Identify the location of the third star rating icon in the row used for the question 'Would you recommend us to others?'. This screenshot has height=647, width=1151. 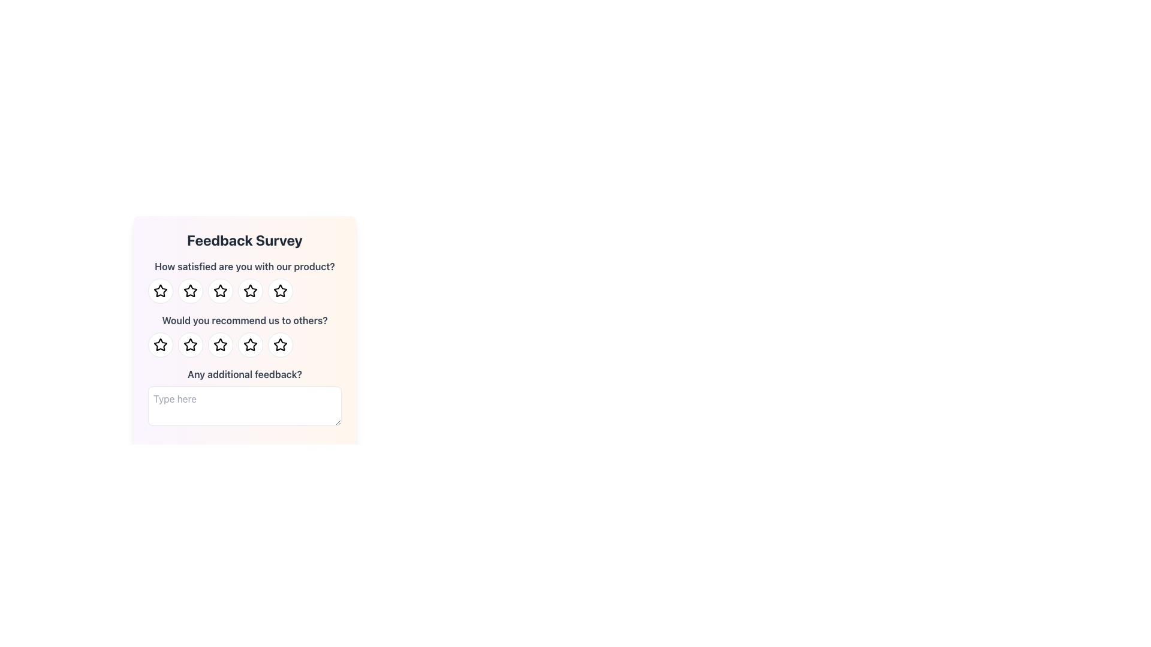
(279, 344).